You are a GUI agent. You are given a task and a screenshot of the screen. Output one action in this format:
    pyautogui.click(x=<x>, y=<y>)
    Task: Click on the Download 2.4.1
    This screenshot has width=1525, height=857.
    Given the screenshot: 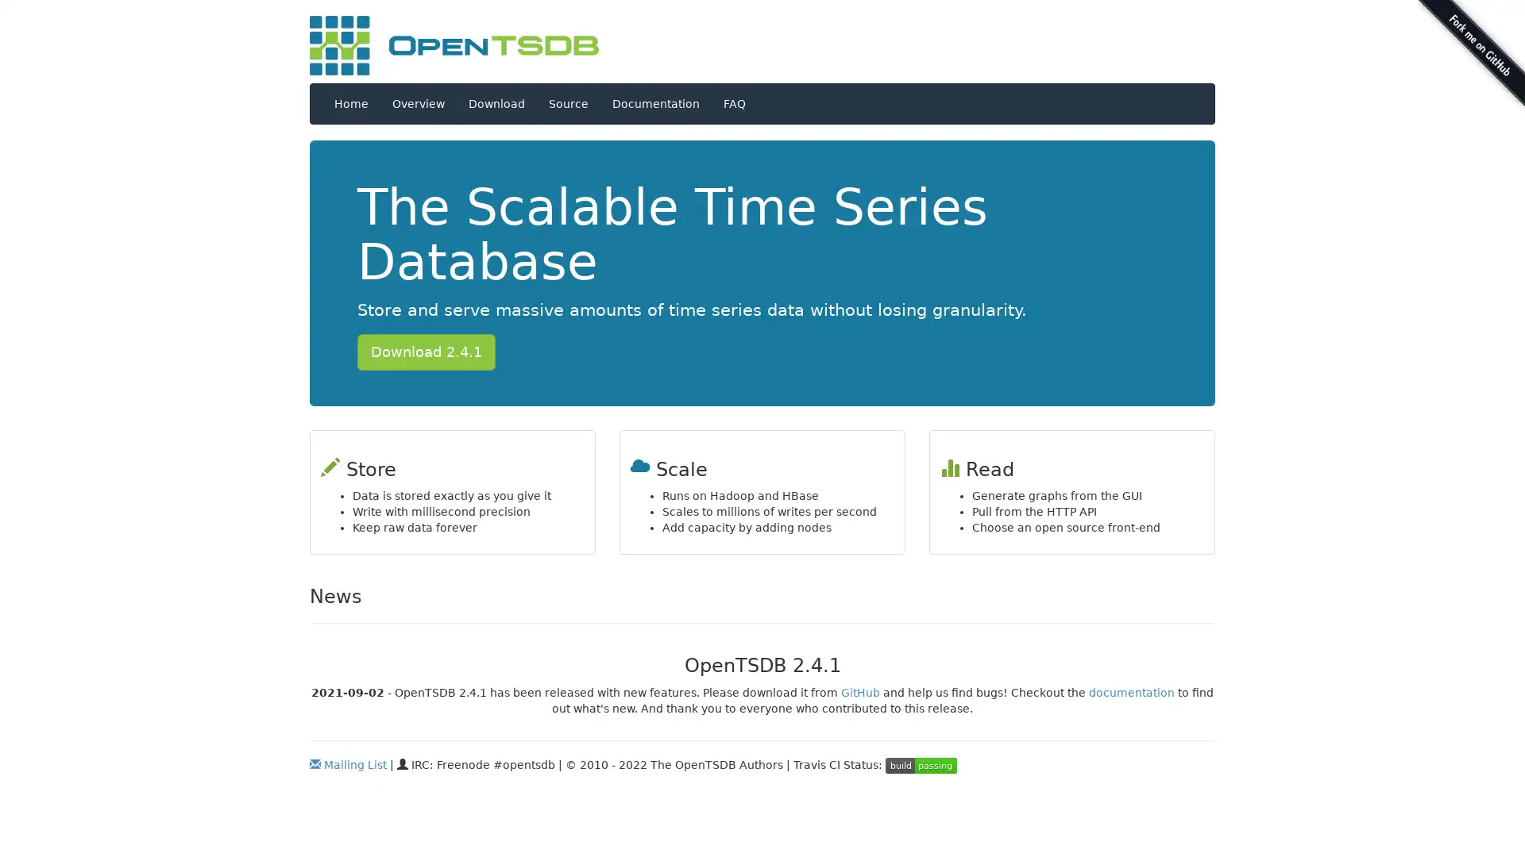 What is the action you would take?
    pyautogui.click(x=427, y=351)
    